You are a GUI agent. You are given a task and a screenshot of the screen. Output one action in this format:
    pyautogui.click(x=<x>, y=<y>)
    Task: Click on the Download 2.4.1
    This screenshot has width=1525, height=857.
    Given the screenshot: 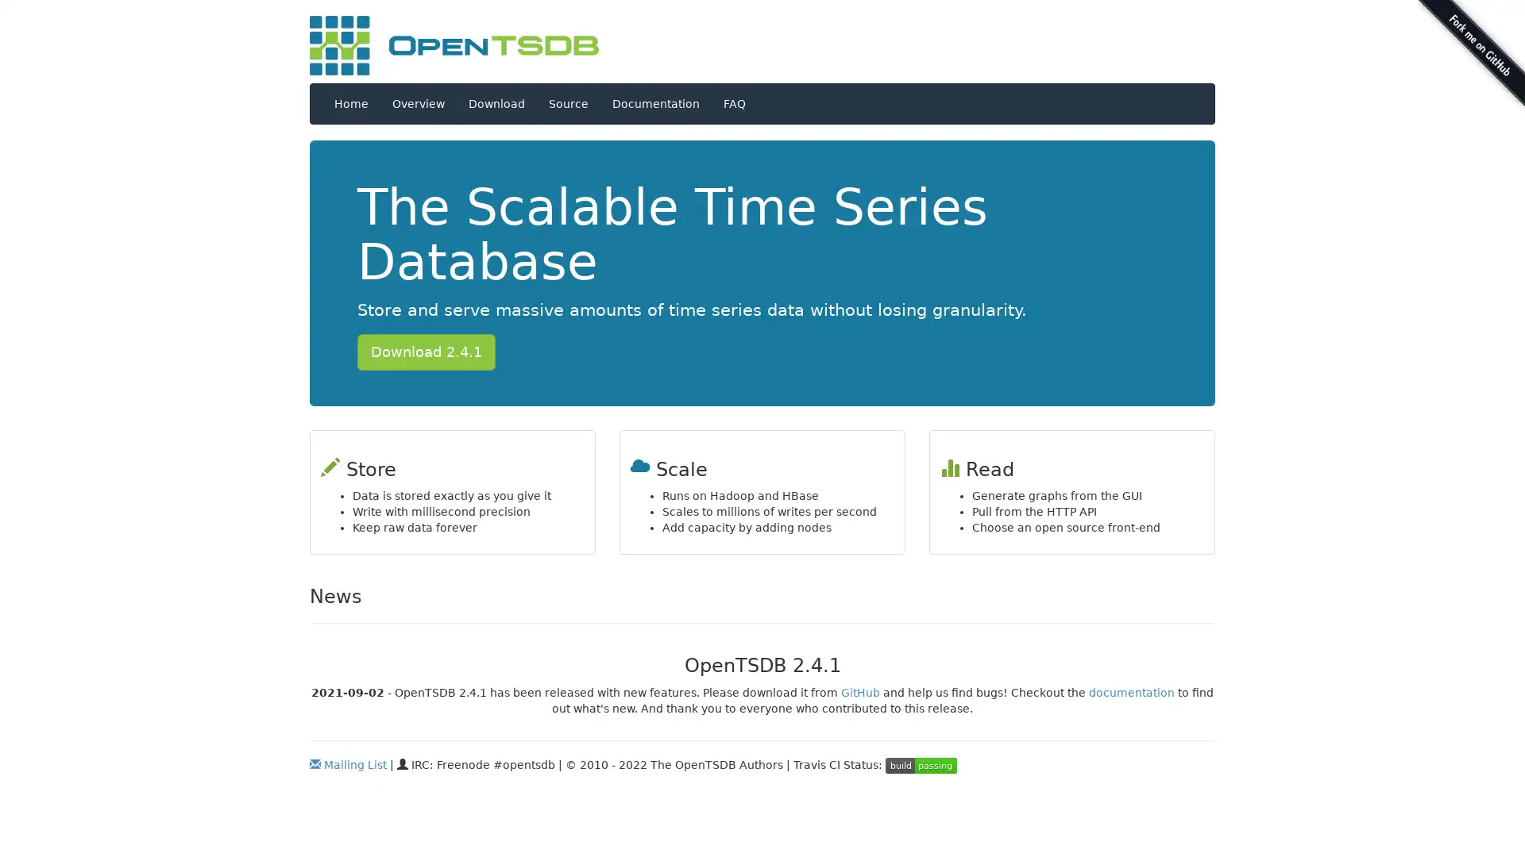 What is the action you would take?
    pyautogui.click(x=427, y=351)
    